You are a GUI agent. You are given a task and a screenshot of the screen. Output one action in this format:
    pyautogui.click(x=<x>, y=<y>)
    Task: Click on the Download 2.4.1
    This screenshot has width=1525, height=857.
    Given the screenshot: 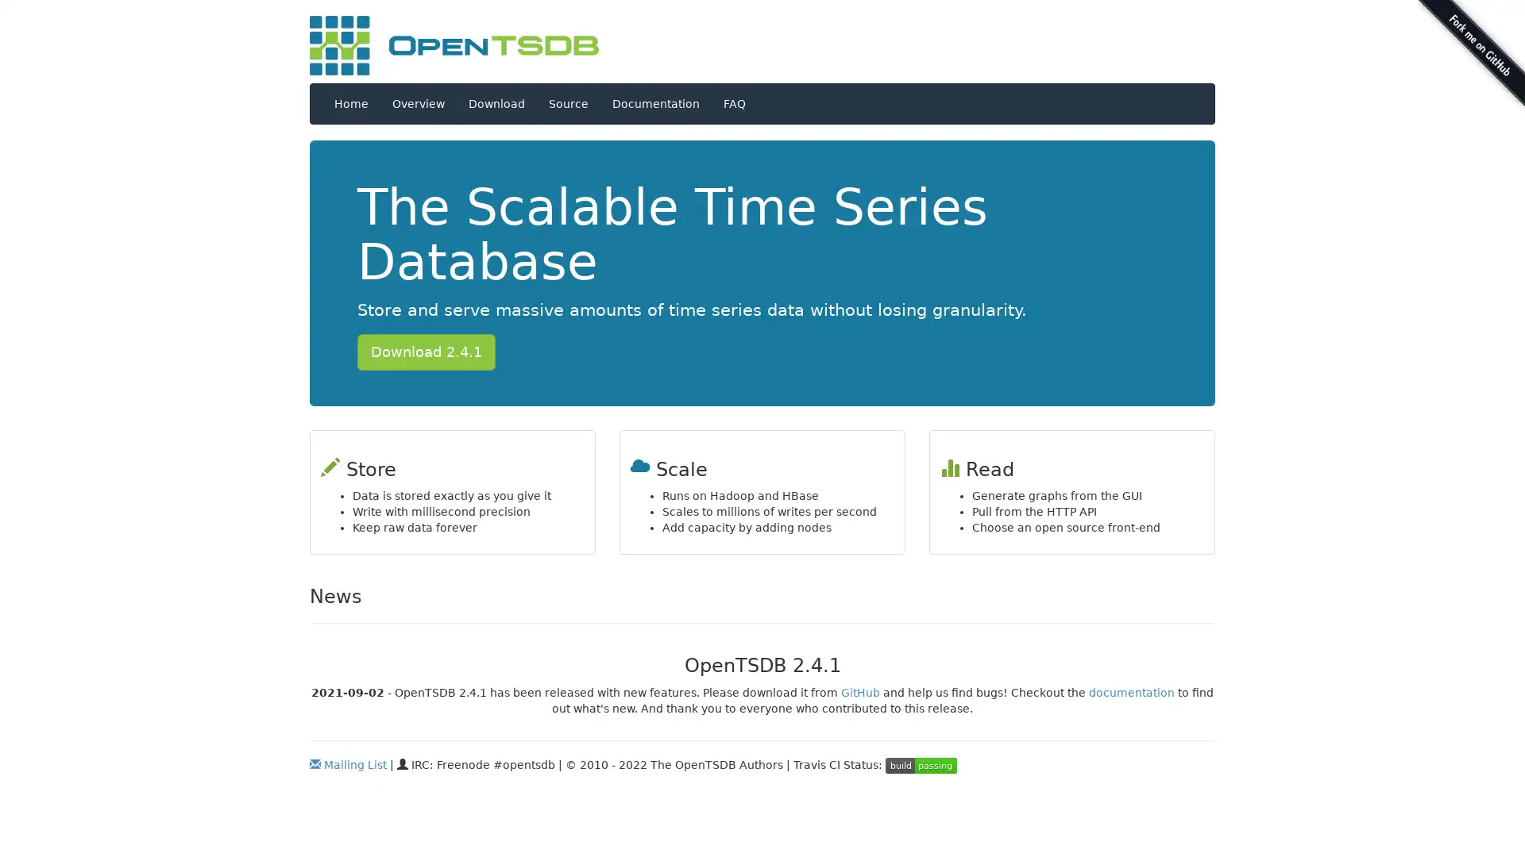 What is the action you would take?
    pyautogui.click(x=427, y=351)
    